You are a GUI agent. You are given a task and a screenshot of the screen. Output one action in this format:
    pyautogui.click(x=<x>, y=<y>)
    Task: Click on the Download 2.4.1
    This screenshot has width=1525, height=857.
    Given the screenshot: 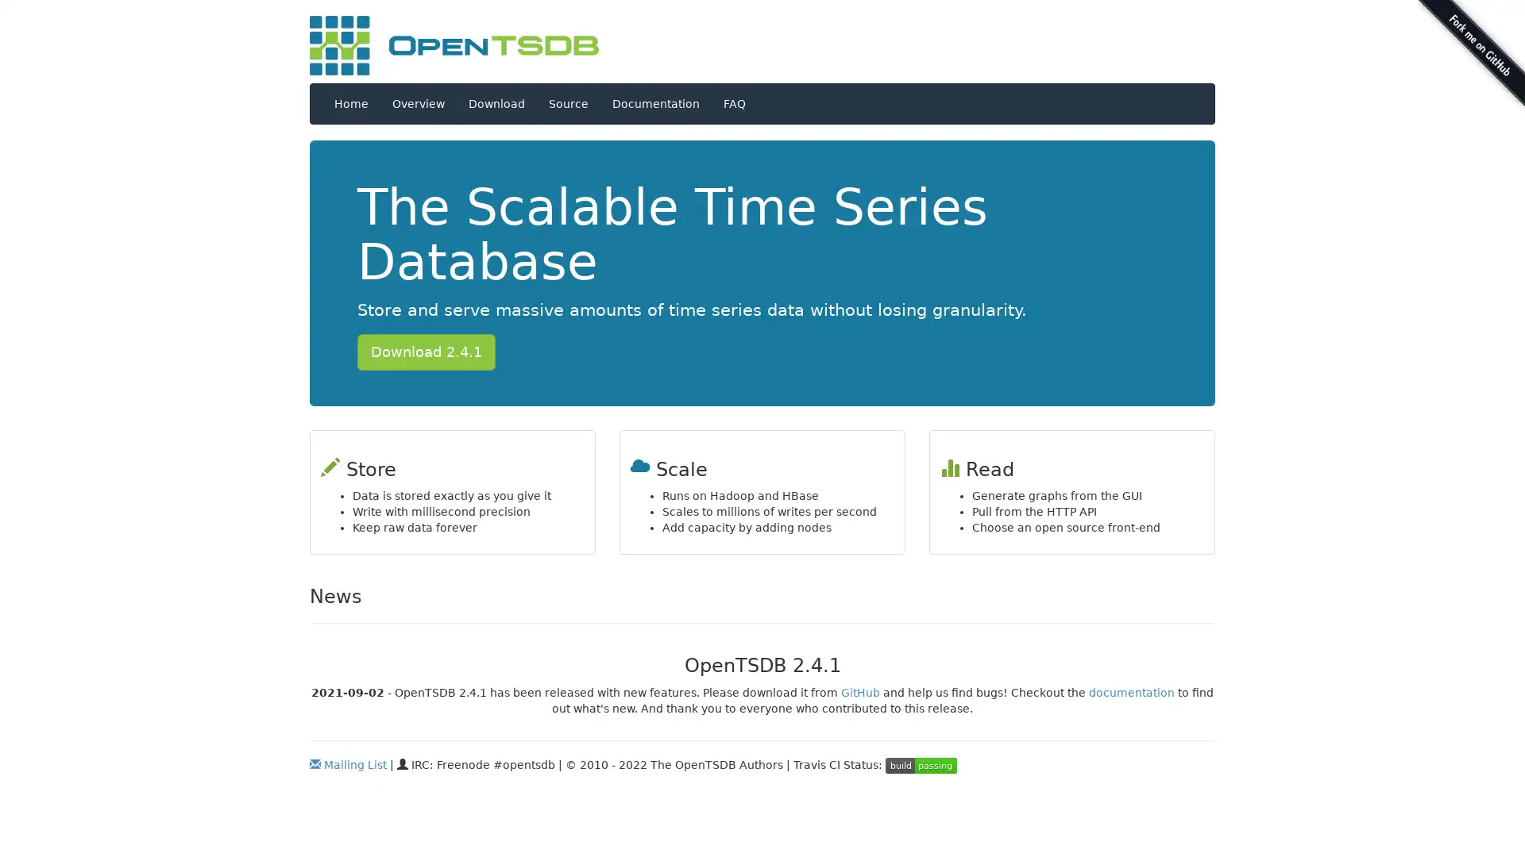 What is the action you would take?
    pyautogui.click(x=427, y=351)
    